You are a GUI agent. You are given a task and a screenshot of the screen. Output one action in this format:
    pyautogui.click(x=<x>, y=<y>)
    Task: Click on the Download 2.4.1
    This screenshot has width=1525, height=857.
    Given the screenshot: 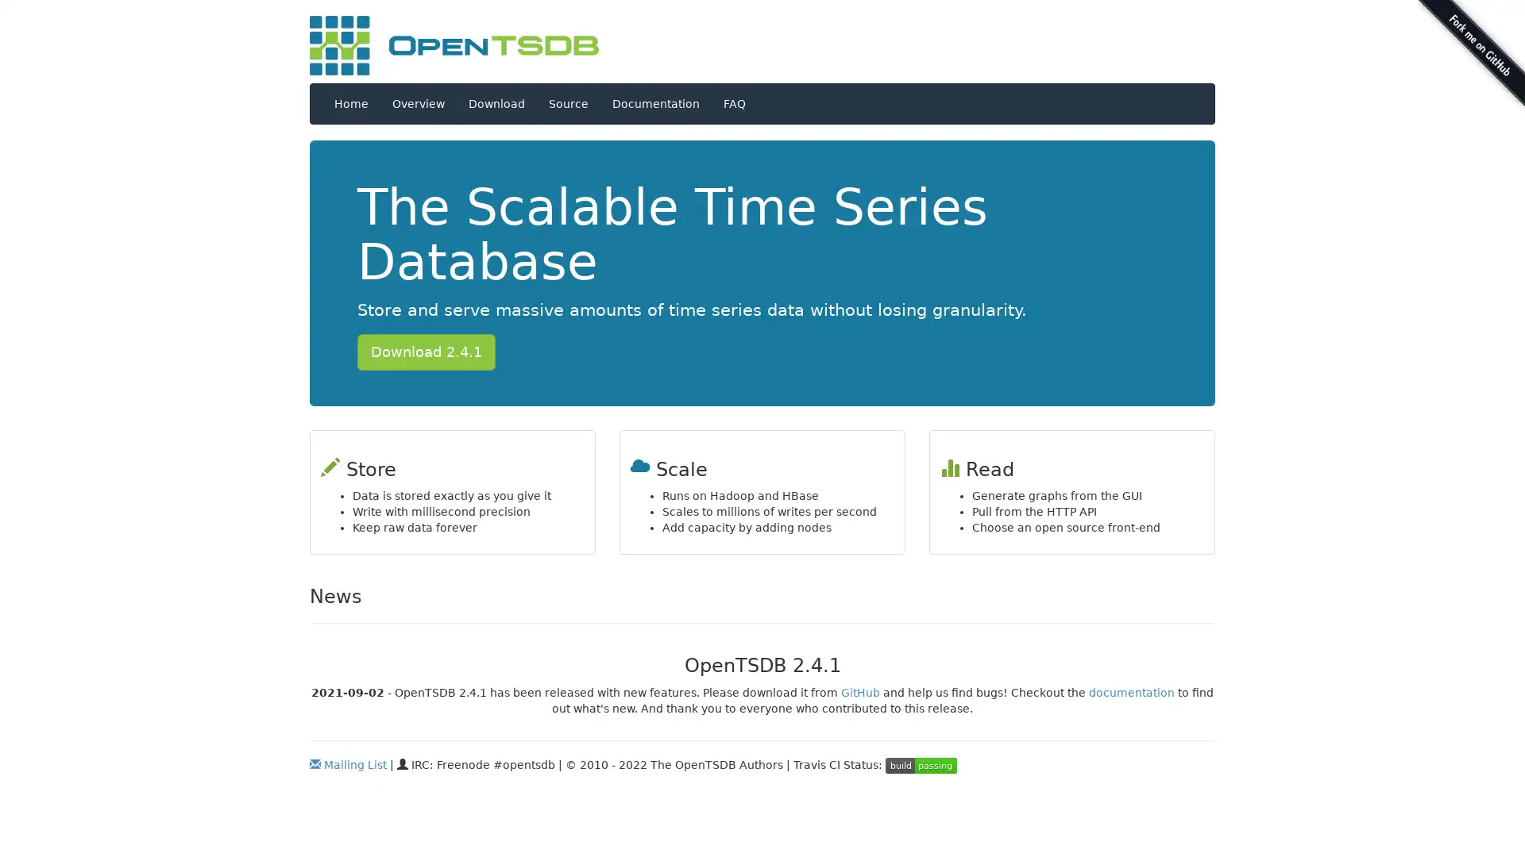 What is the action you would take?
    pyautogui.click(x=427, y=351)
    